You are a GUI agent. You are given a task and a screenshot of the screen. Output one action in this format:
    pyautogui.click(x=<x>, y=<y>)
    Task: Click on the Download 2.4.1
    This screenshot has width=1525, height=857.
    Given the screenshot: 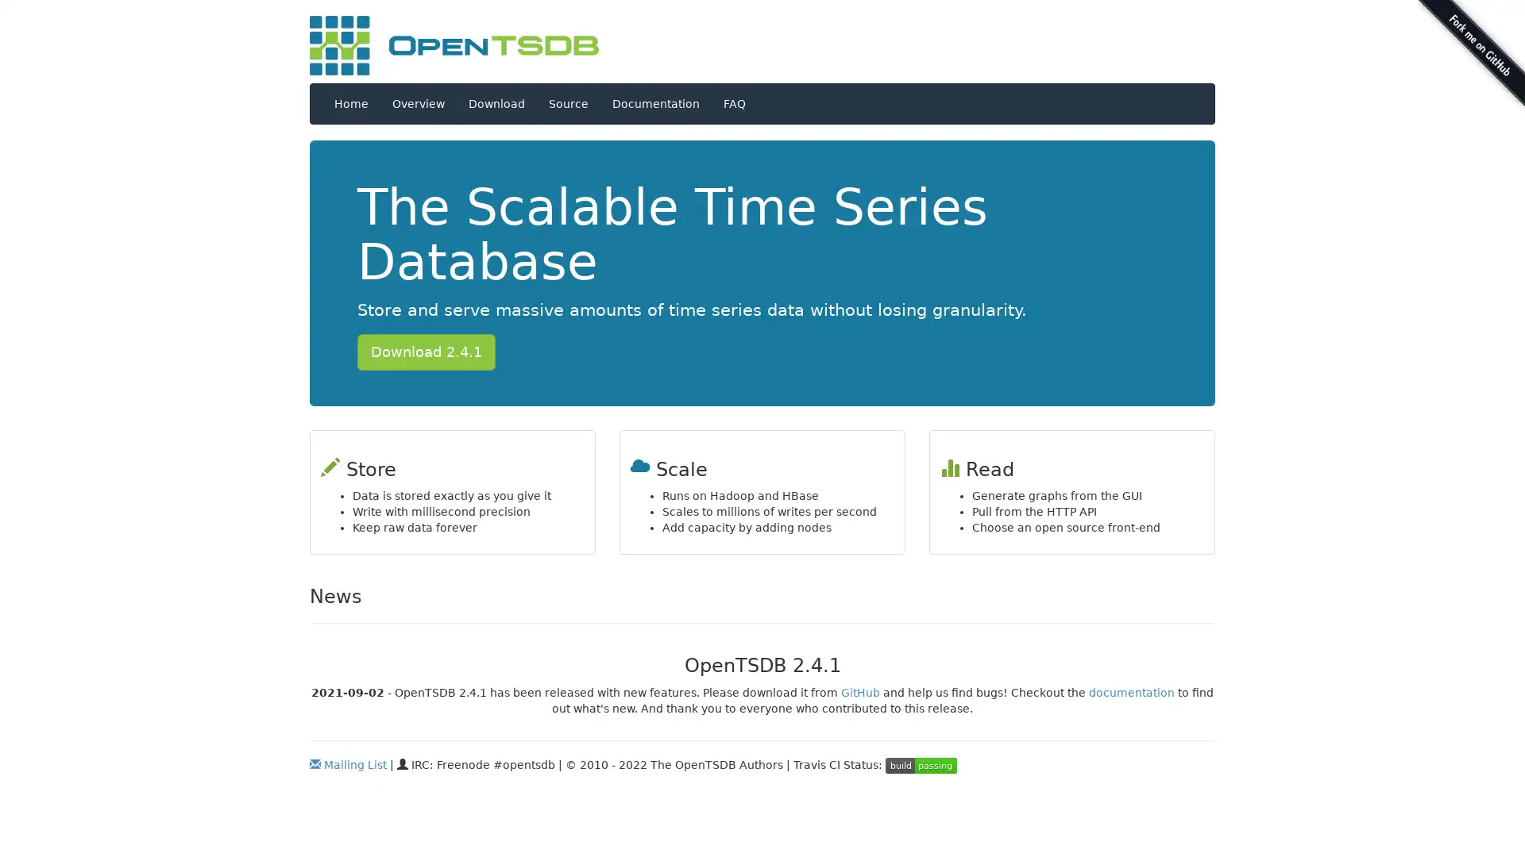 What is the action you would take?
    pyautogui.click(x=427, y=351)
    